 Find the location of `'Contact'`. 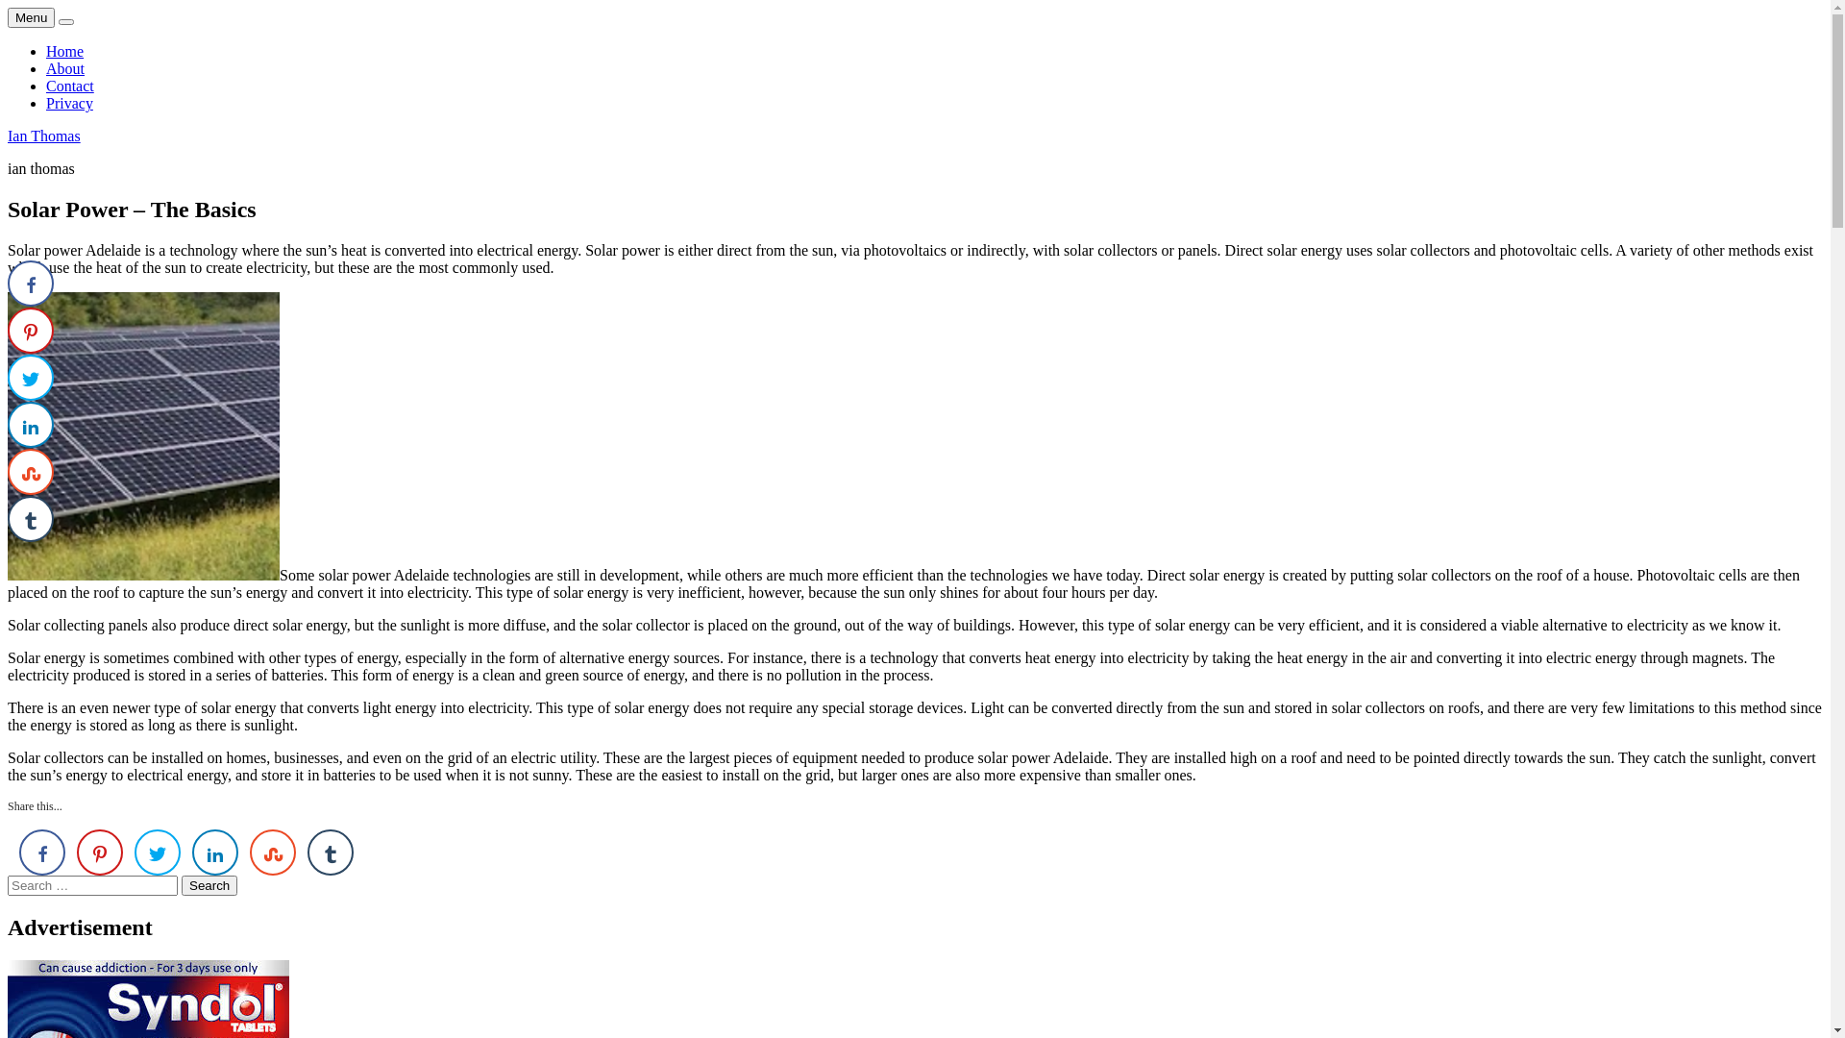

'Contact' is located at coordinates (69, 85).